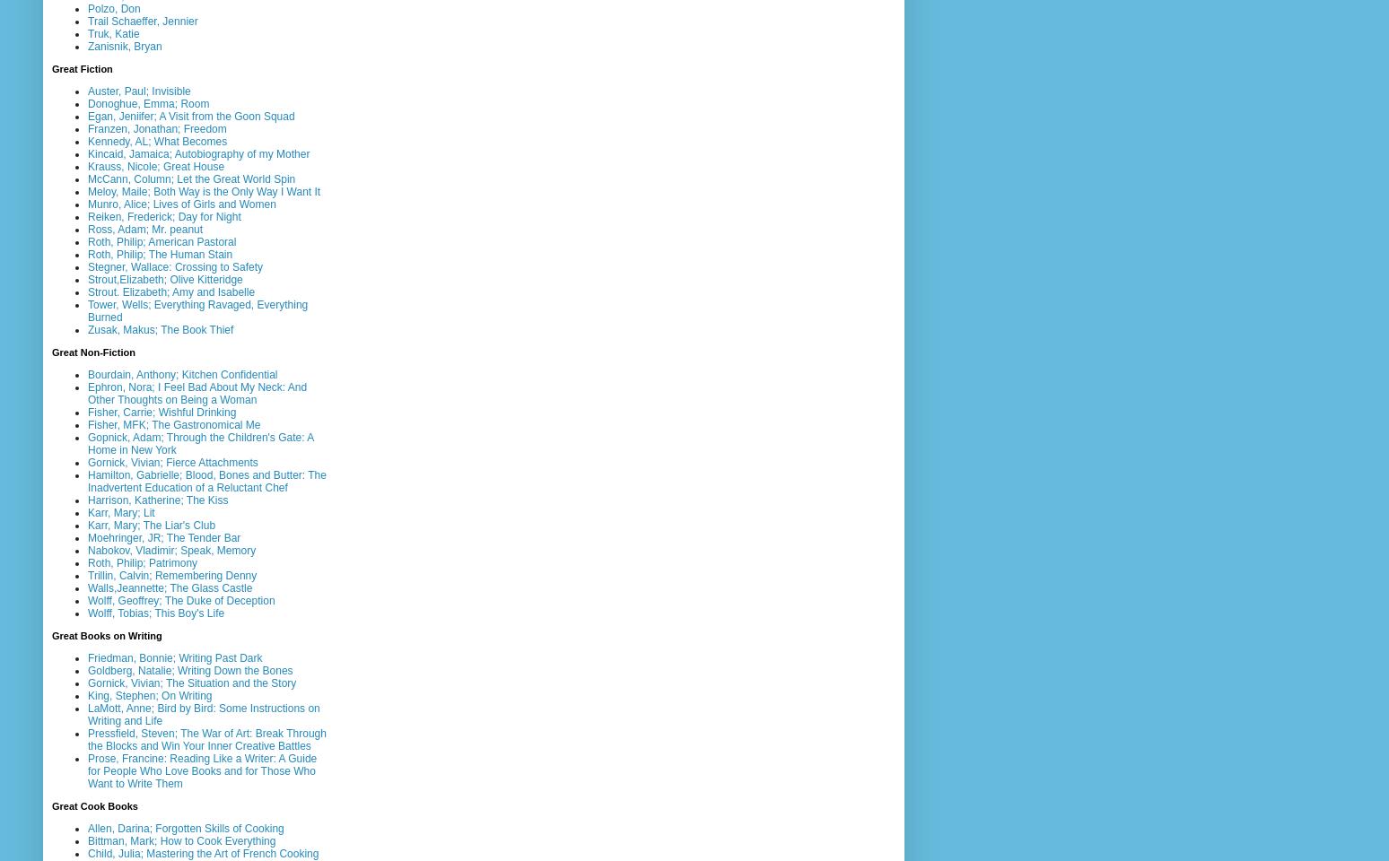 The image size is (1389, 861). Describe the element at coordinates (155, 165) in the screenshot. I see `'Krauss, Nicole; Great House'` at that location.